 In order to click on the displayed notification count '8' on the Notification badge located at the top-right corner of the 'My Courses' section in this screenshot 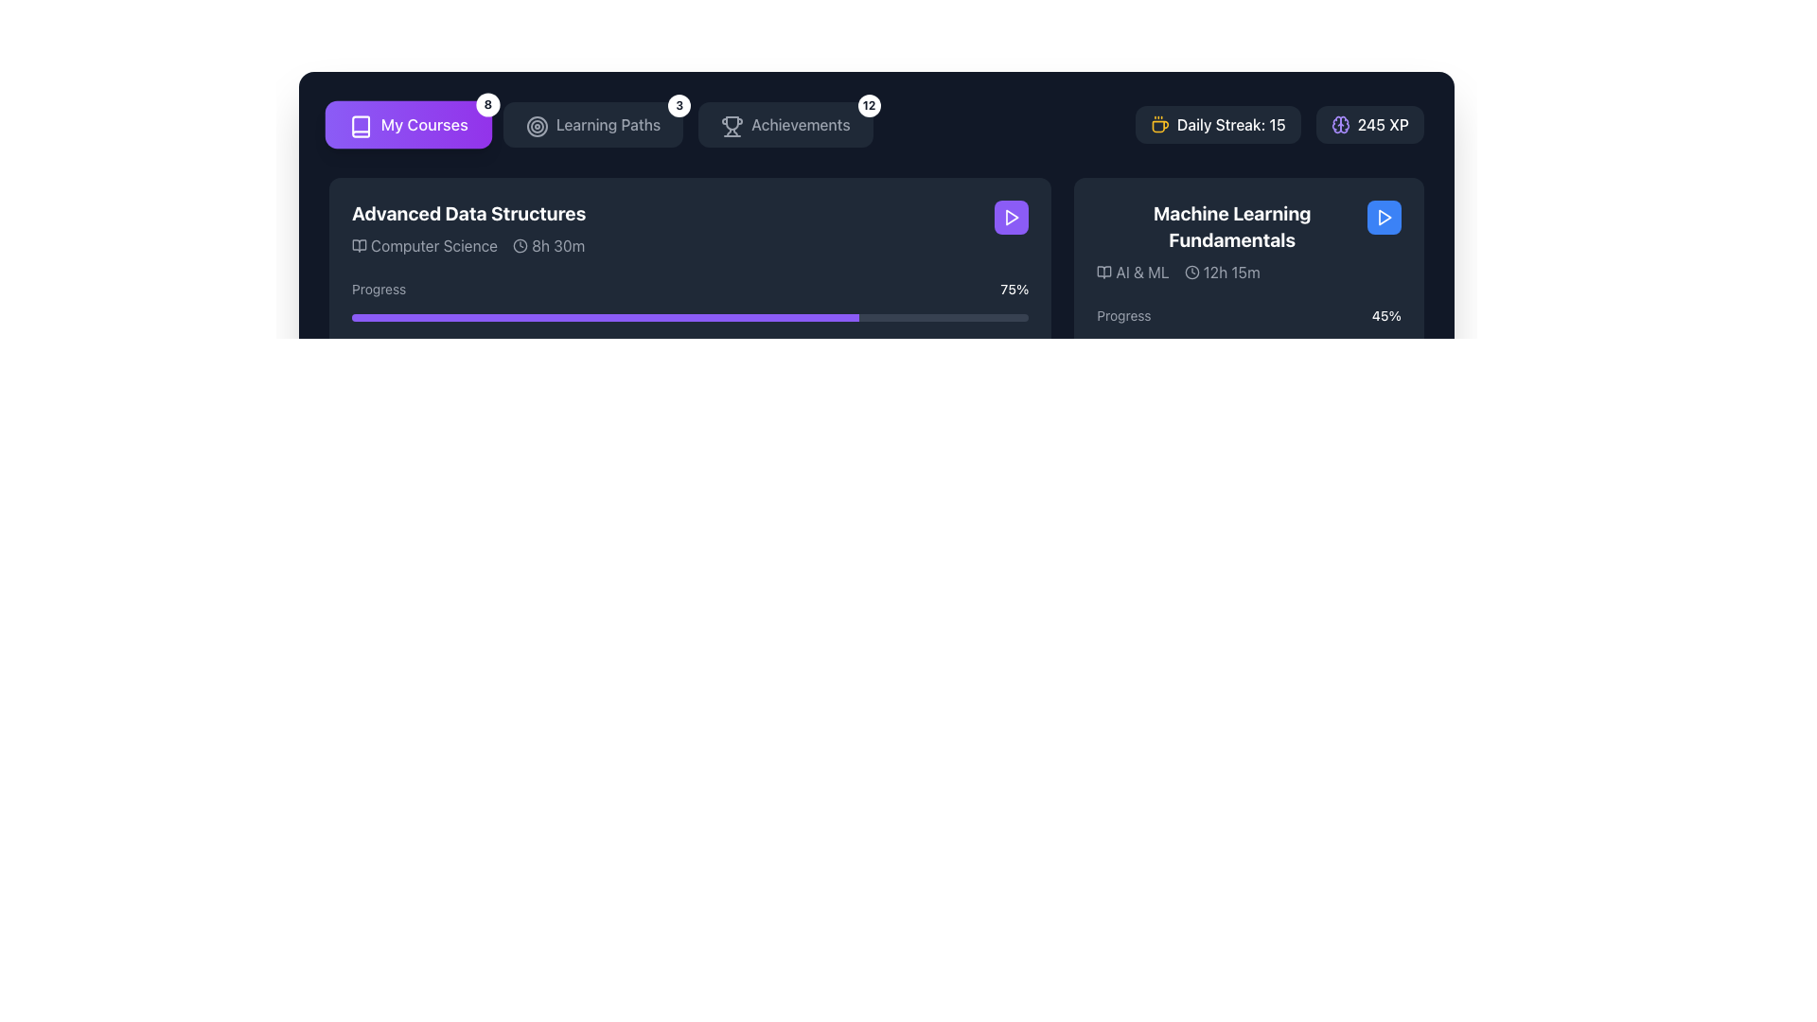, I will do `click(487, 105)`.